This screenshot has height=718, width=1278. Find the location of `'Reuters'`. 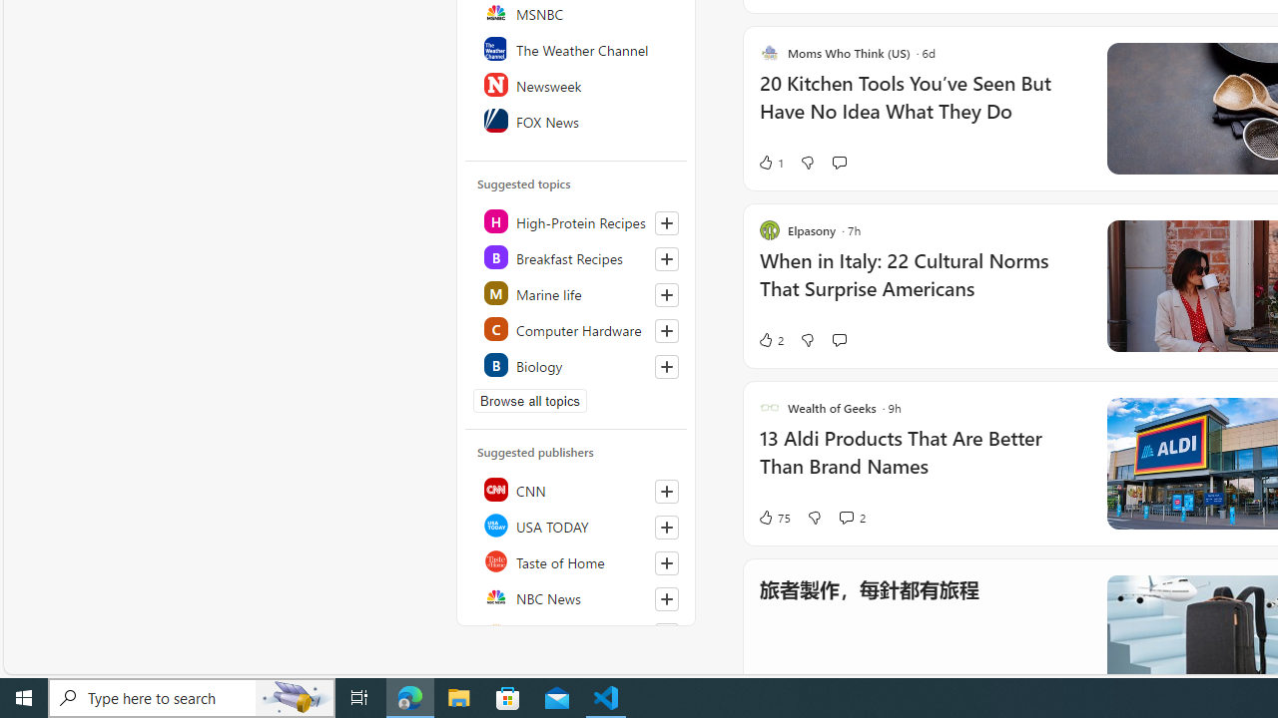

'Reuters' is located at coordinates (576, 633).